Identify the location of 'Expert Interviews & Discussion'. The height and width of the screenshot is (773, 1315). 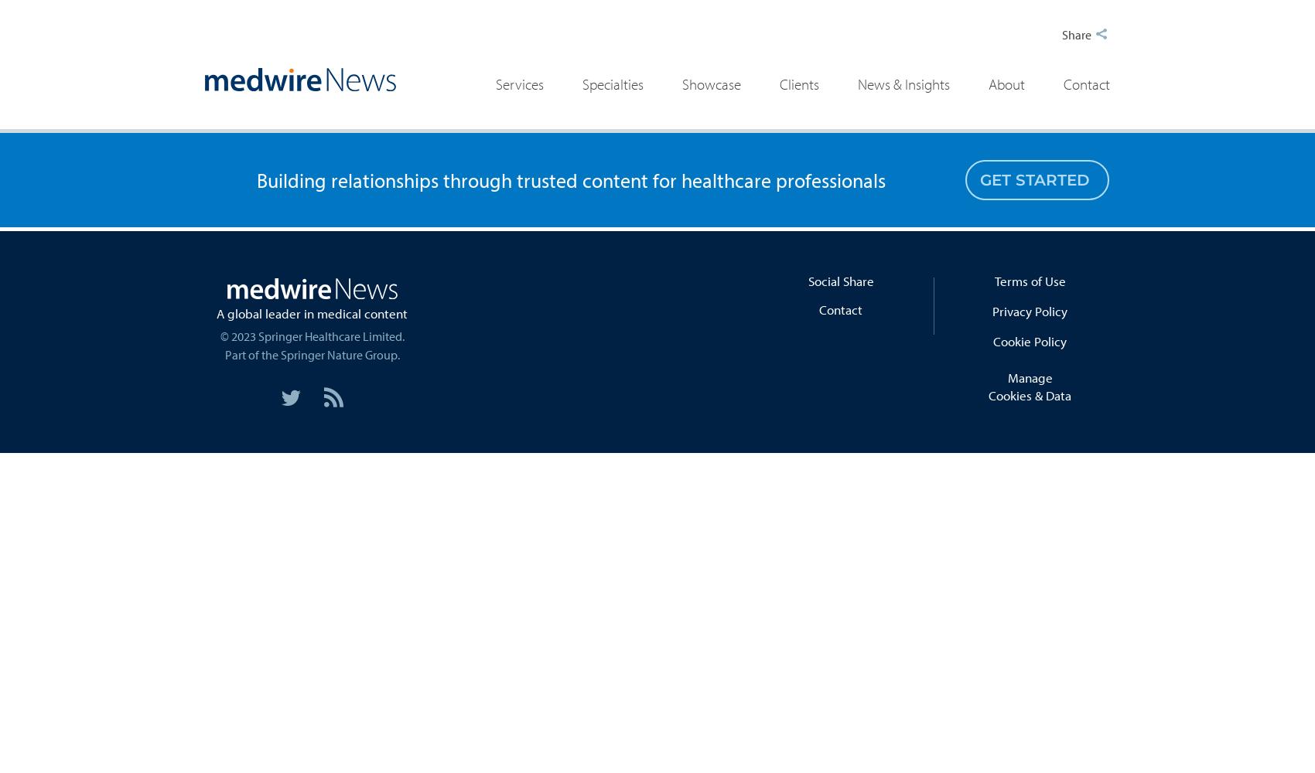
(703, 182).